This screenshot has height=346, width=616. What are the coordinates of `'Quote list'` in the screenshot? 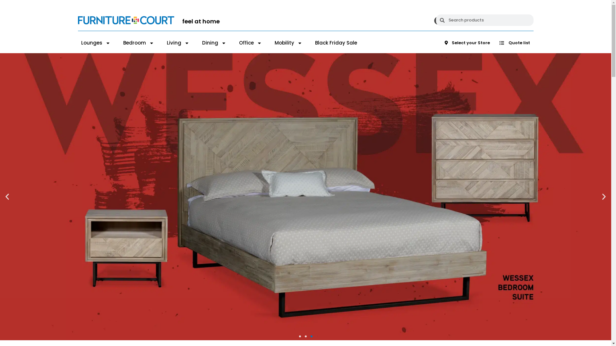 It's located at (515, 43).